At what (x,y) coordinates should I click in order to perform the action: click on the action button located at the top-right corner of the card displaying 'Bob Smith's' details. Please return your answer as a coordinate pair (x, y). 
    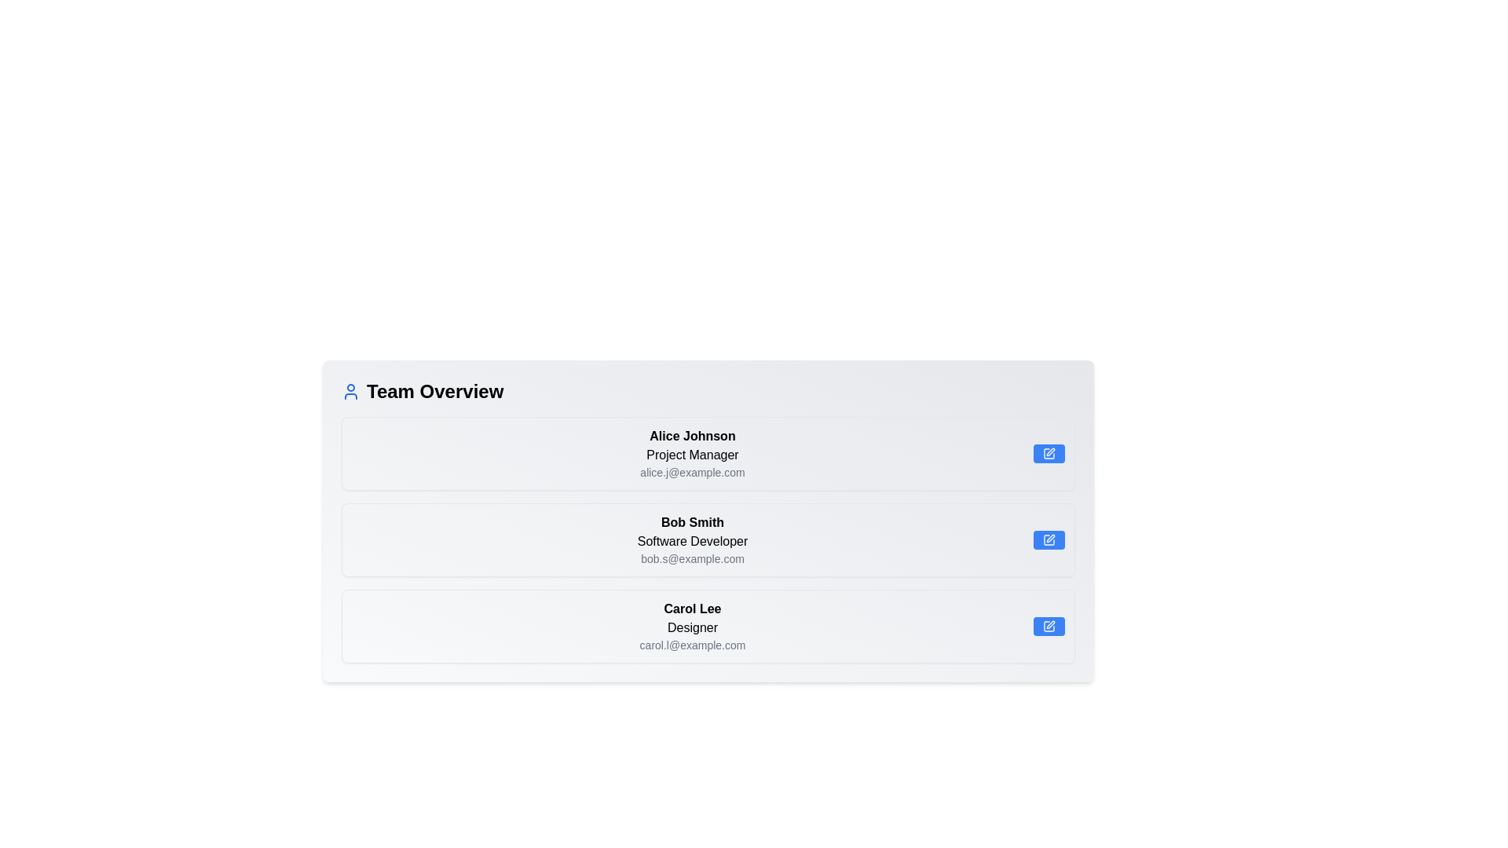
    Looking at the image, I should click on (1049, 539).